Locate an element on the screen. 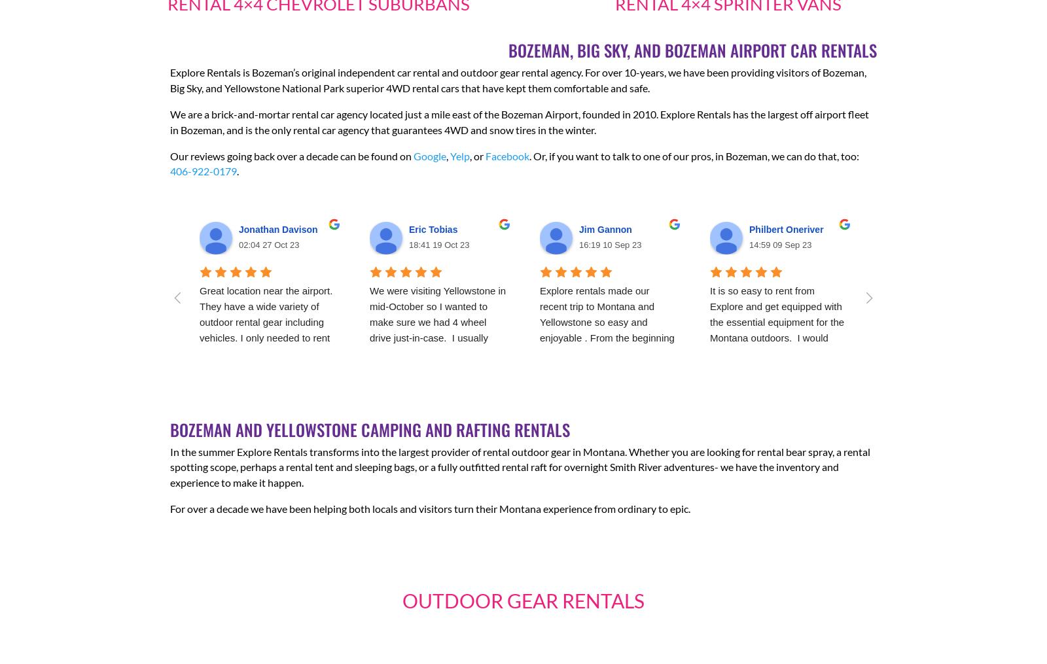 This screenshot has height=664, width=1047. '.' is located at coordinates (238, 171).